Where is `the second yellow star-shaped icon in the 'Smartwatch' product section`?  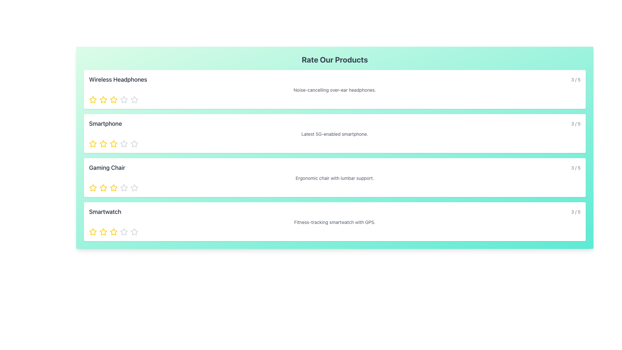 the second yellow star-shaped icon in the 'Smartwatch' product section is located at coordinates (103, 232).